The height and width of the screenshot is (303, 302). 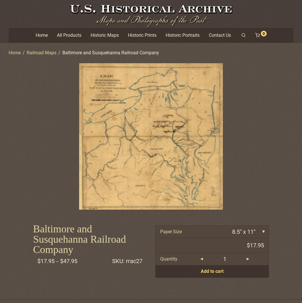 I want to click on 'Contact Us', so click(x=219, y=35).